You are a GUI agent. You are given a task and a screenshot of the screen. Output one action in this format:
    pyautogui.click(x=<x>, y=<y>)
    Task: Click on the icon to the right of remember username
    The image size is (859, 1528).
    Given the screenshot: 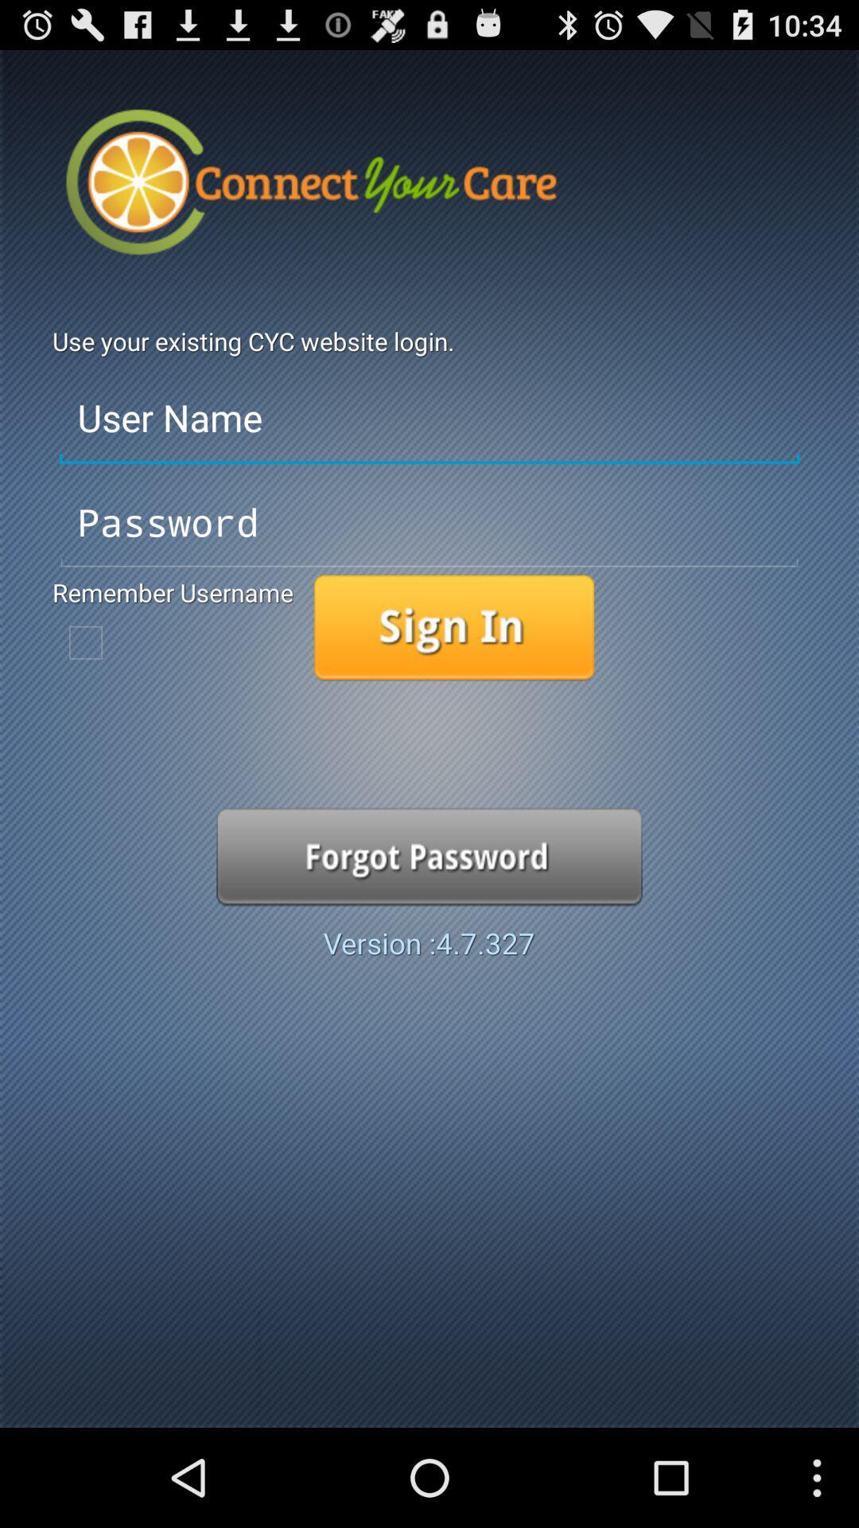 What is the action you would take?
    pyautogui.click(x=454, y=627)
    